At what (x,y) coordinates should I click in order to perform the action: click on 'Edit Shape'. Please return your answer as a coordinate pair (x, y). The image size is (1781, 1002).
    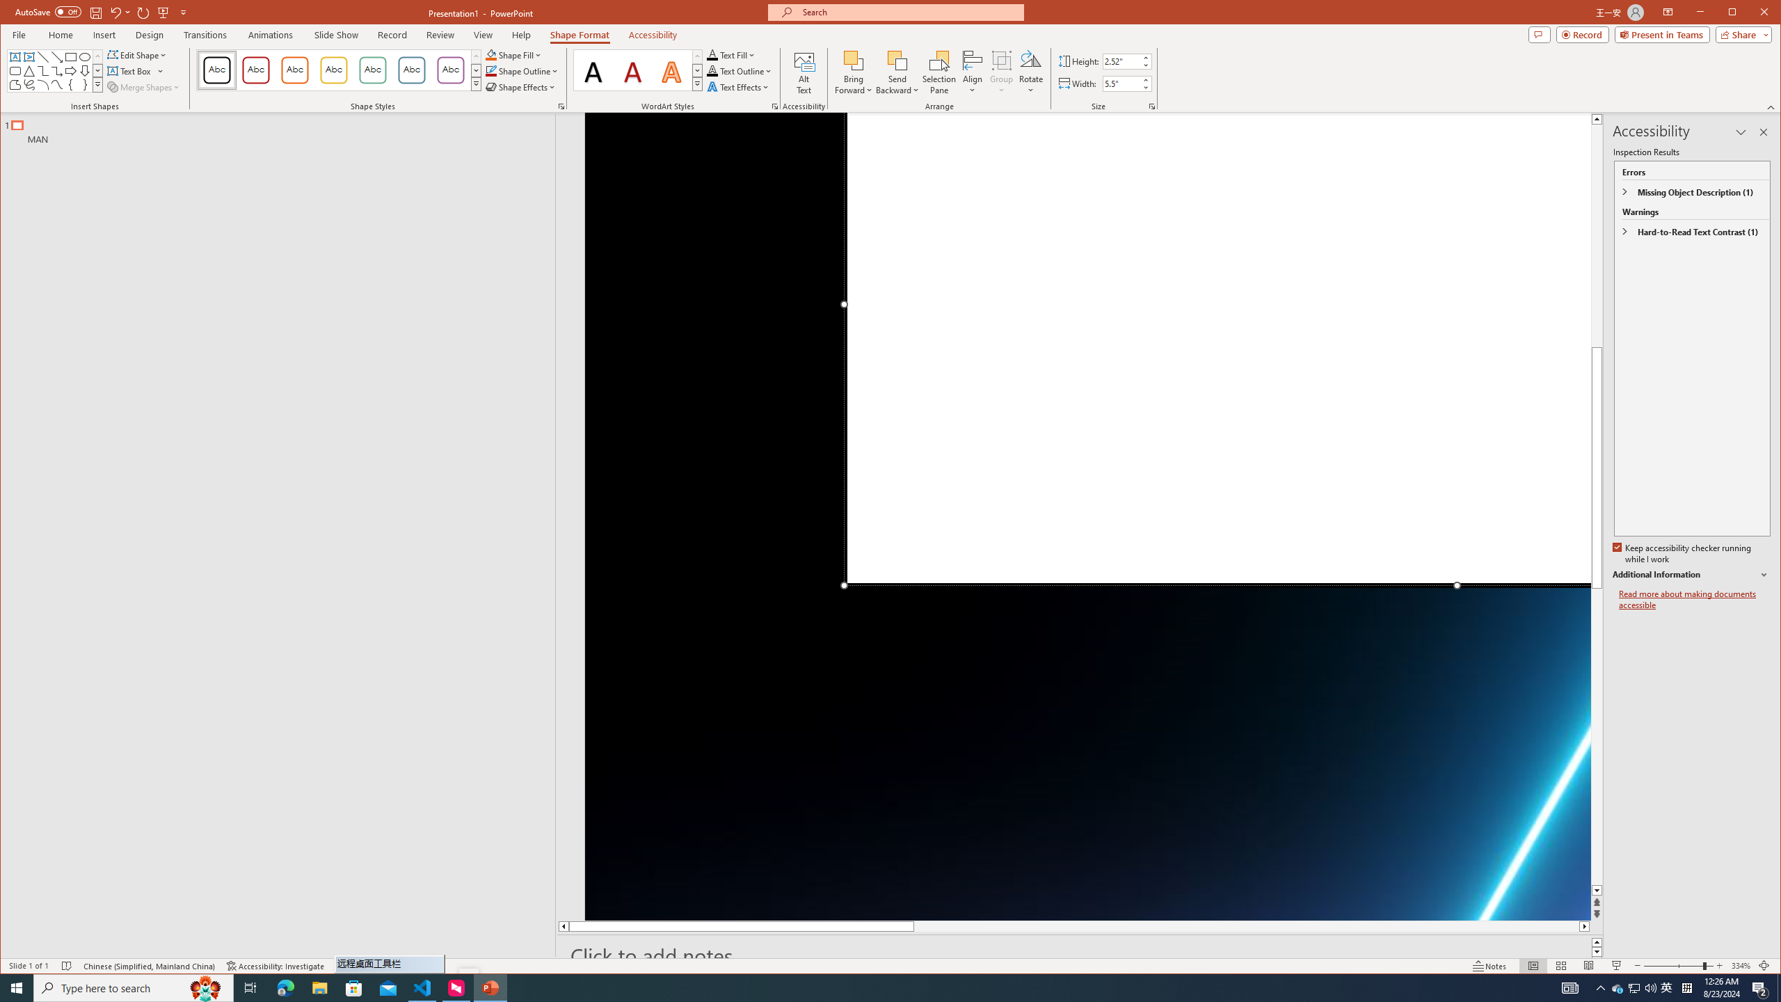
    Looking at the image, I should click on (137, 54).